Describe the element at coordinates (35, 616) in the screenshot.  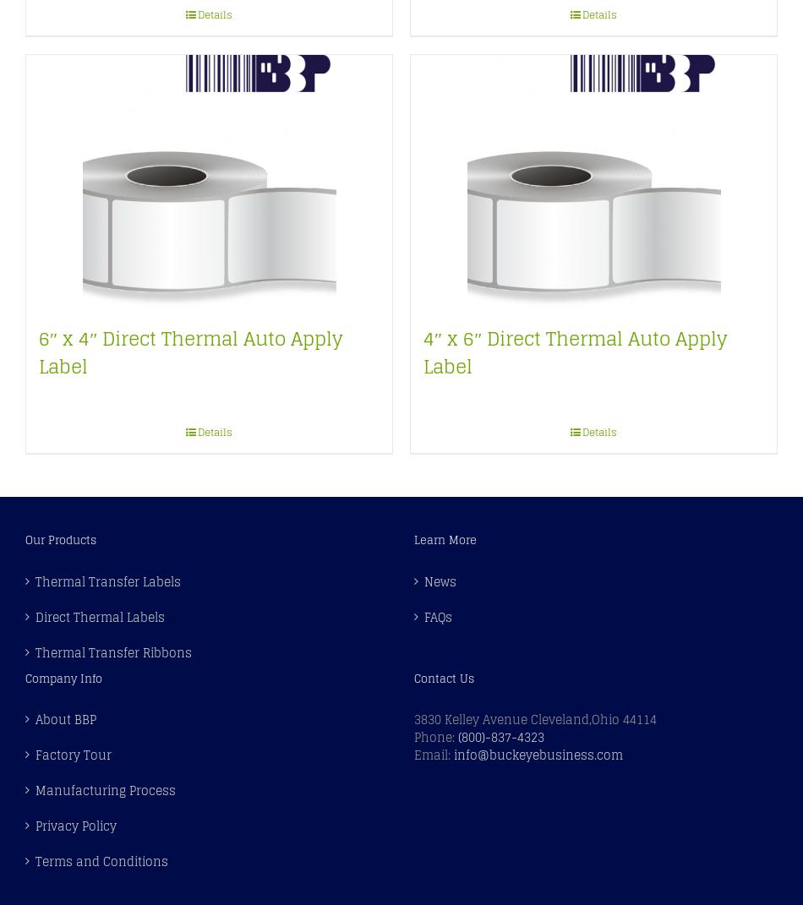
I see `'Direct Thermal Labels'` at that location.